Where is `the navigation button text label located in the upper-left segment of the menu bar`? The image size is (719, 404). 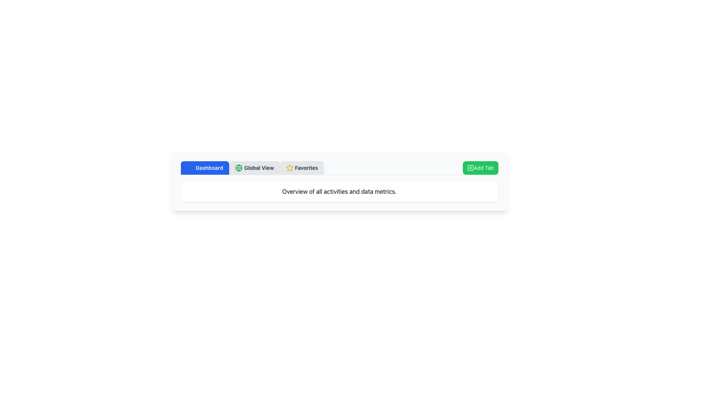 the navigation button text label located in the upper-left segment of the menu bar is located at coordinates (209, 167).